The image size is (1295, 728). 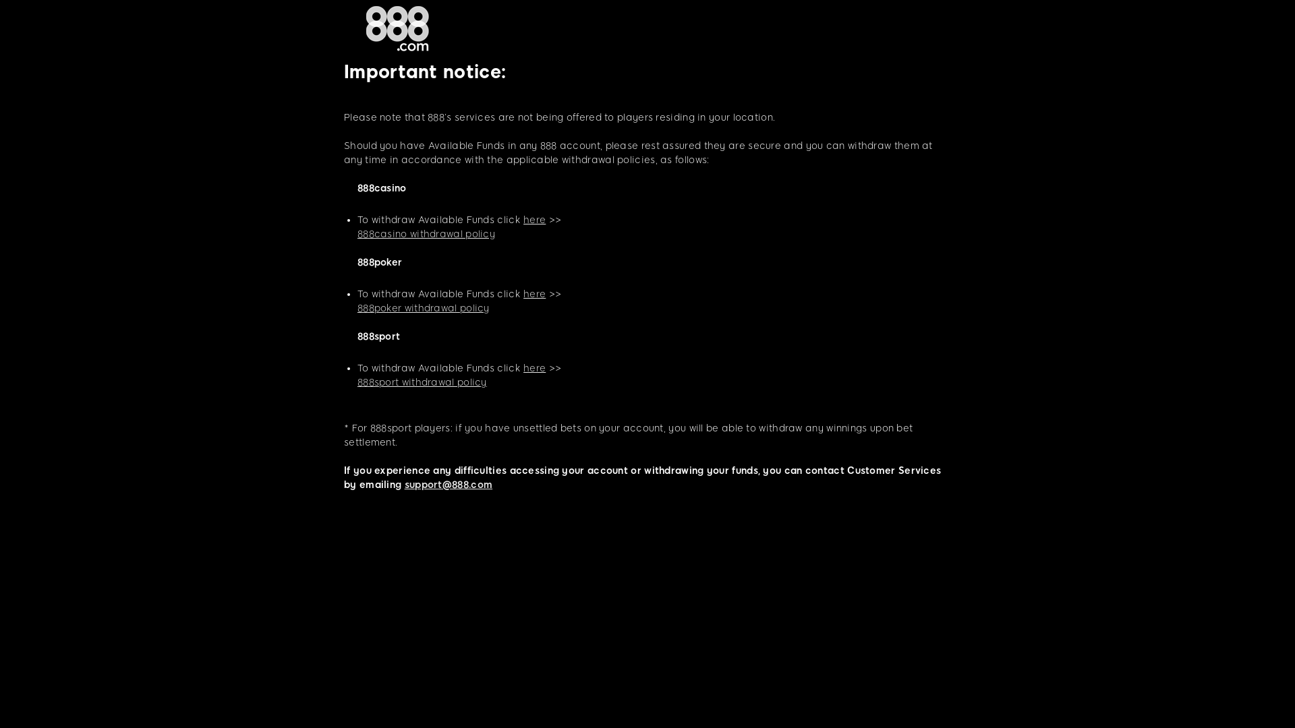 I want to click on 'here', so click(x=534, y=219).